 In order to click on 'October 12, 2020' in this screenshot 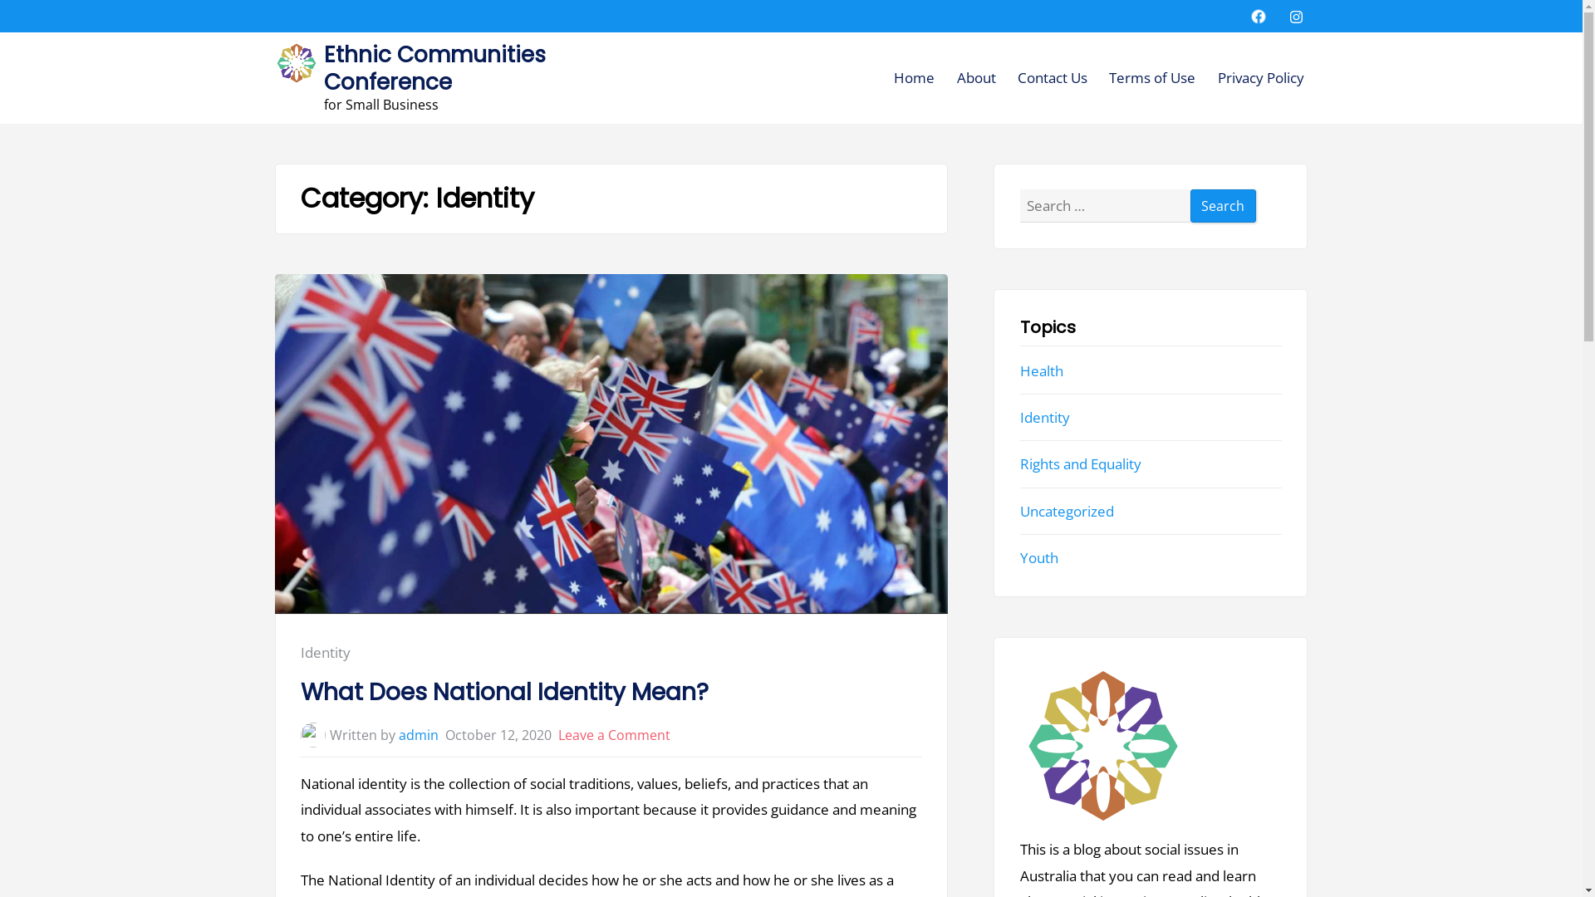, I will do `click(498, 733)`.